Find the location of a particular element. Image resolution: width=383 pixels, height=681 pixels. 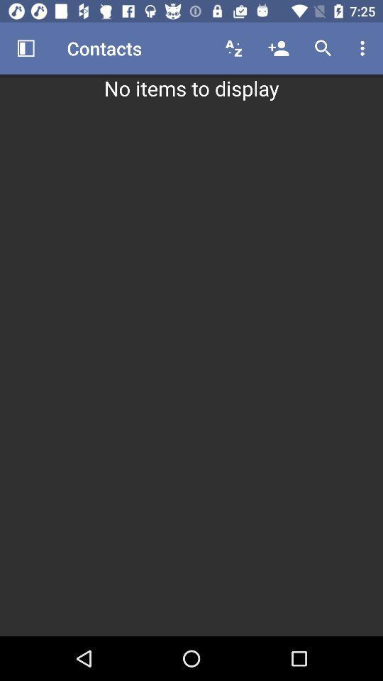

the icon above the no items to is located at coordinates (233, 48).